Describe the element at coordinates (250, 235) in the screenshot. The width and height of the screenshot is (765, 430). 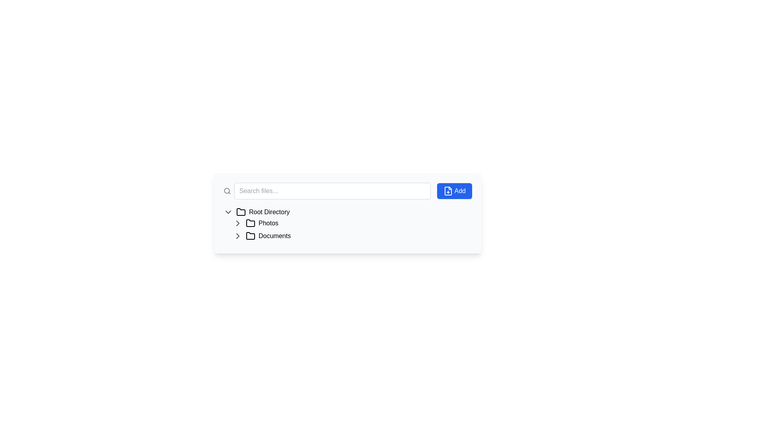
I see `the folder icon, which has rounded edges and a filled appearance, located` at that location.